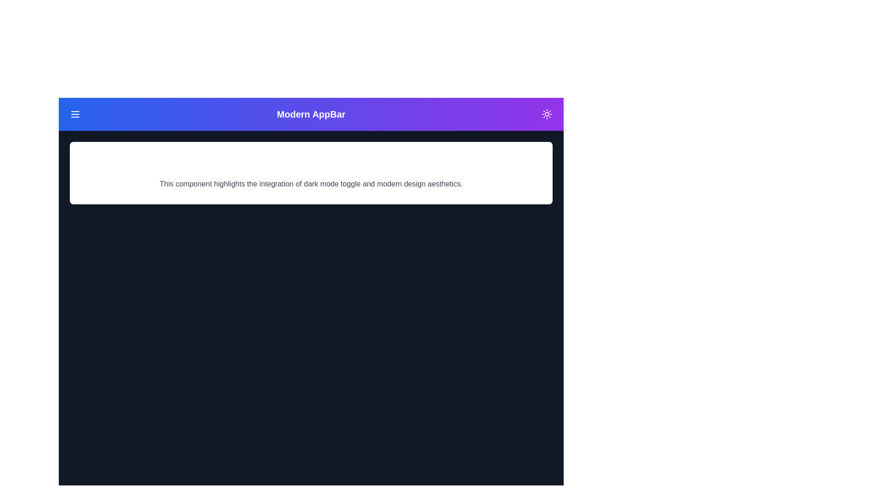 This screenshot has height=496, width=882. I want to click on the title text 'Modern AppBar' in the app bar, so click(311, 114).